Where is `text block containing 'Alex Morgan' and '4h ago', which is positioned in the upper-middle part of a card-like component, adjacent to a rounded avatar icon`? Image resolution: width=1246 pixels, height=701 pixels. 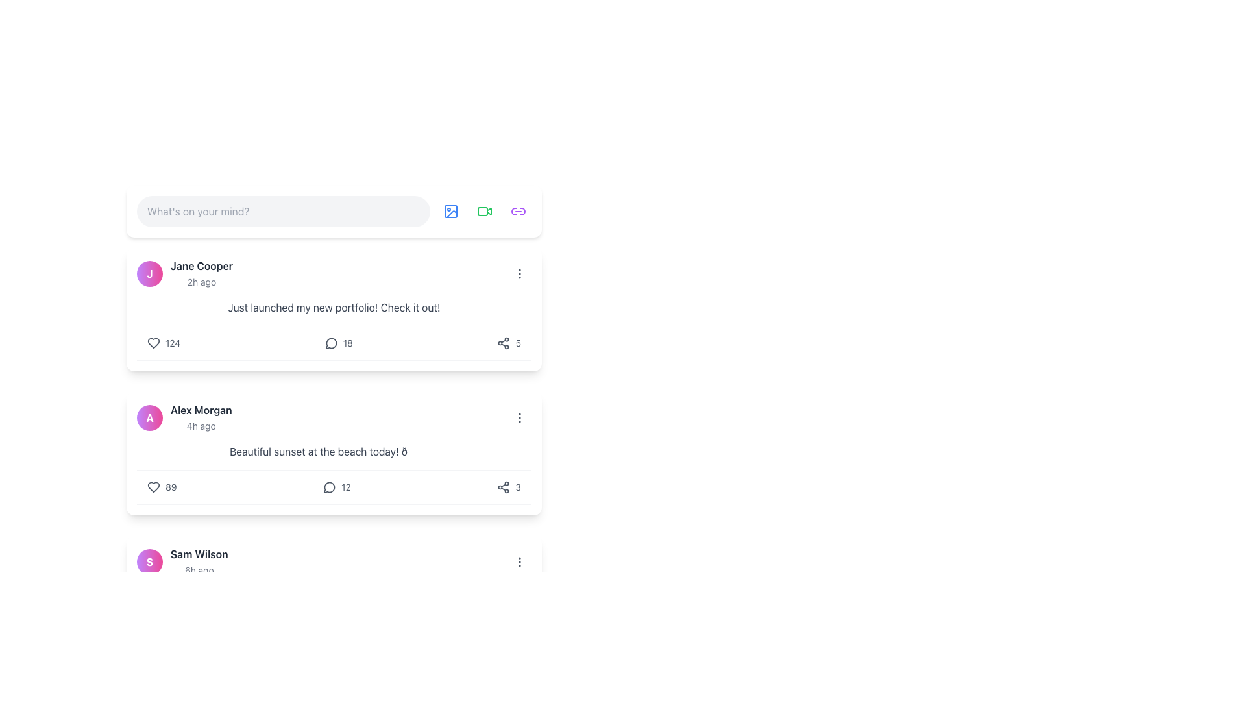 text block containing 'Alex Morgan' and '4h ago', which is positioned in the upper-middle part of a card-like component, adjacent to a rounded avatar icon is located at coordinates (201, 418).